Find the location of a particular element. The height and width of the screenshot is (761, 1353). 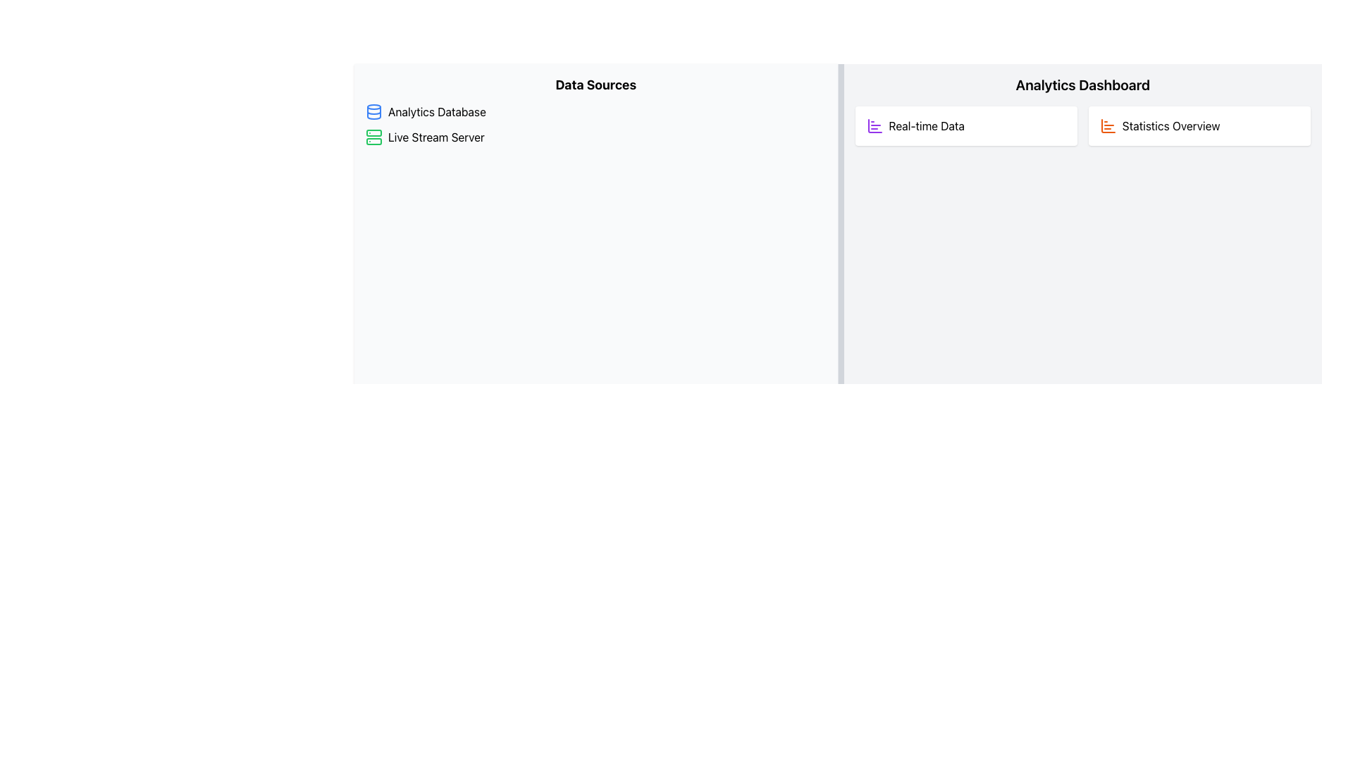

the Text Label that serves as the title for the analytics section in the upper right panel of the dashboard is located at coordinates (1082, 85).